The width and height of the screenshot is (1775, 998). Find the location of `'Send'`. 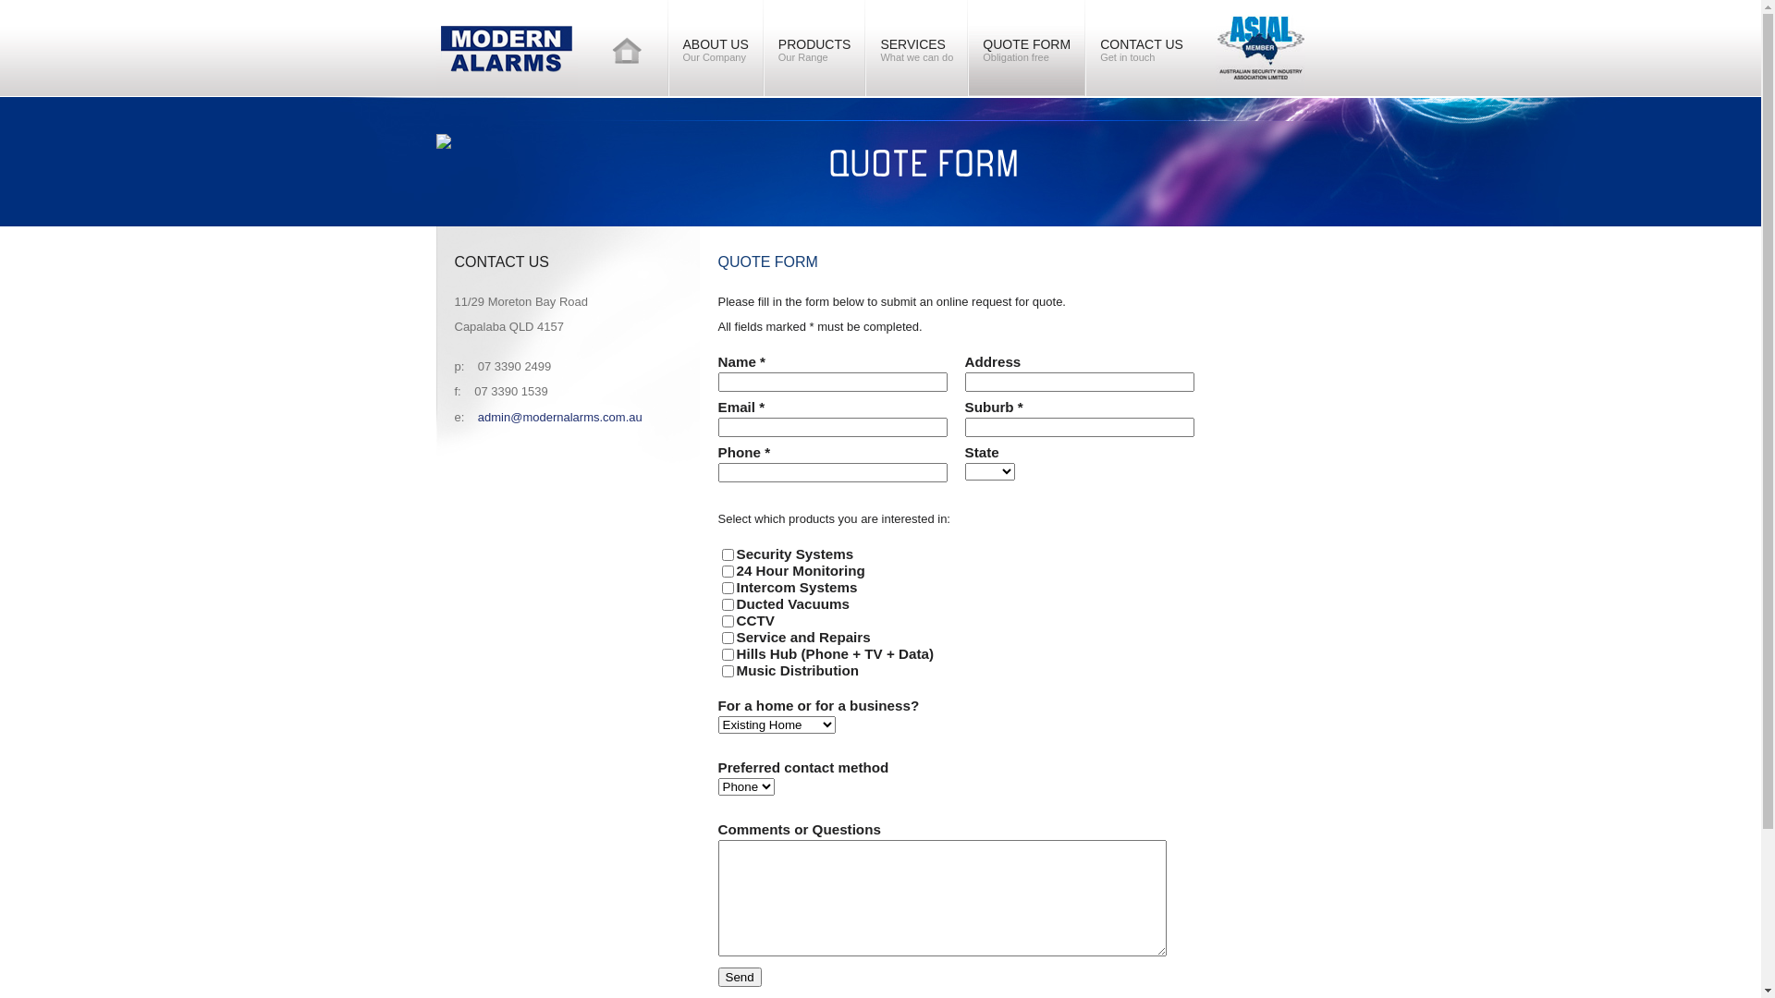

'Send' is located at coordinates (716, 976).